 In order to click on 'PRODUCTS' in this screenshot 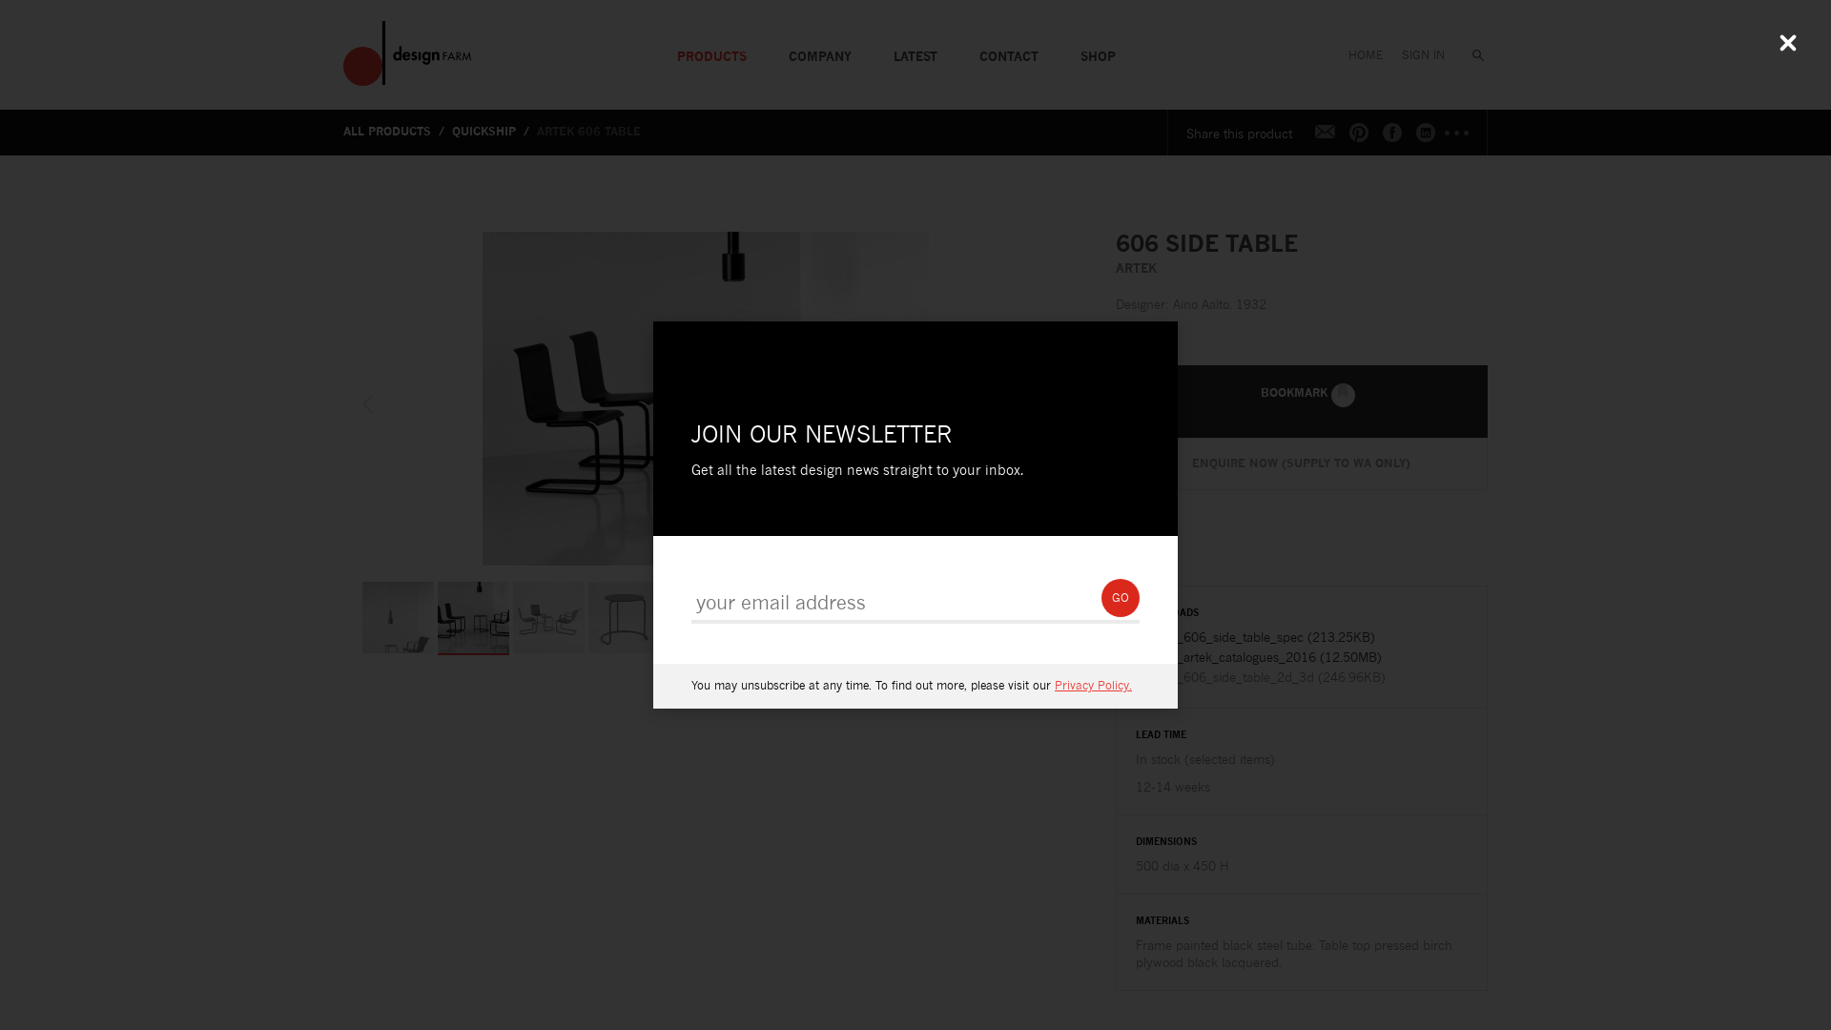, I will do `click(710, 47)`.